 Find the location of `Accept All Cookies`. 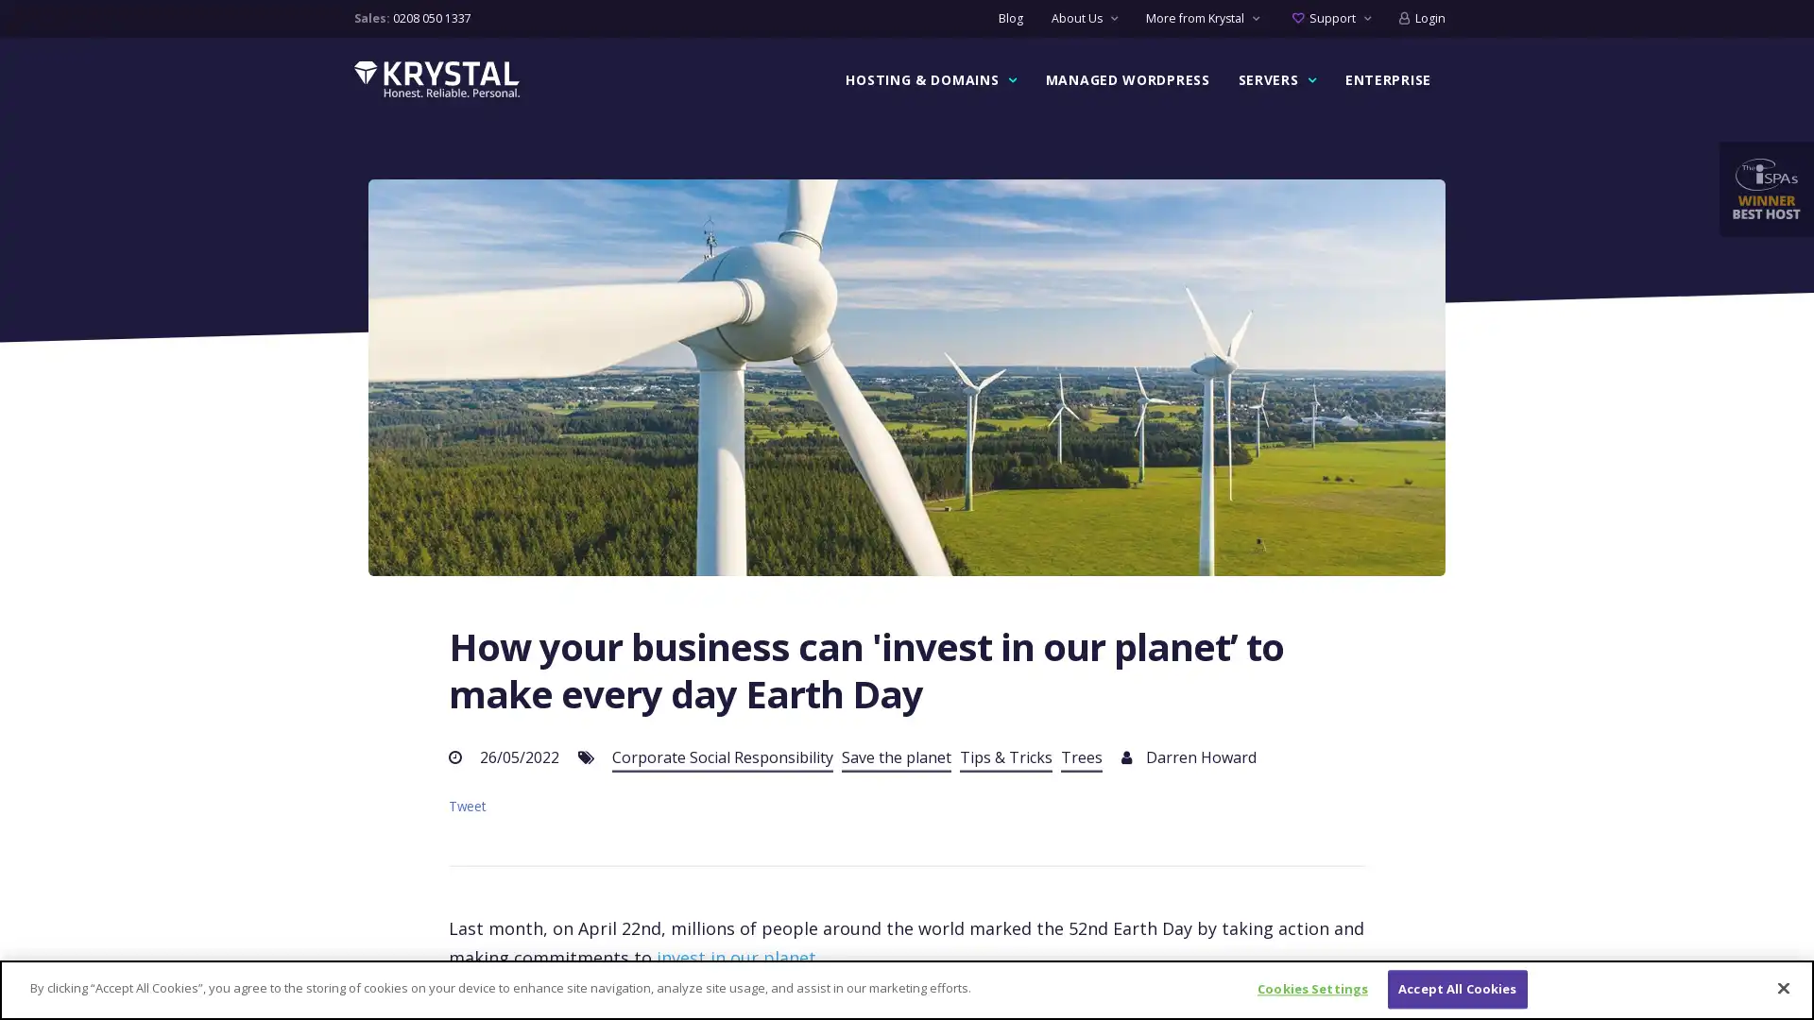

Accept All Cookies is located at coordinates (1456, 988).